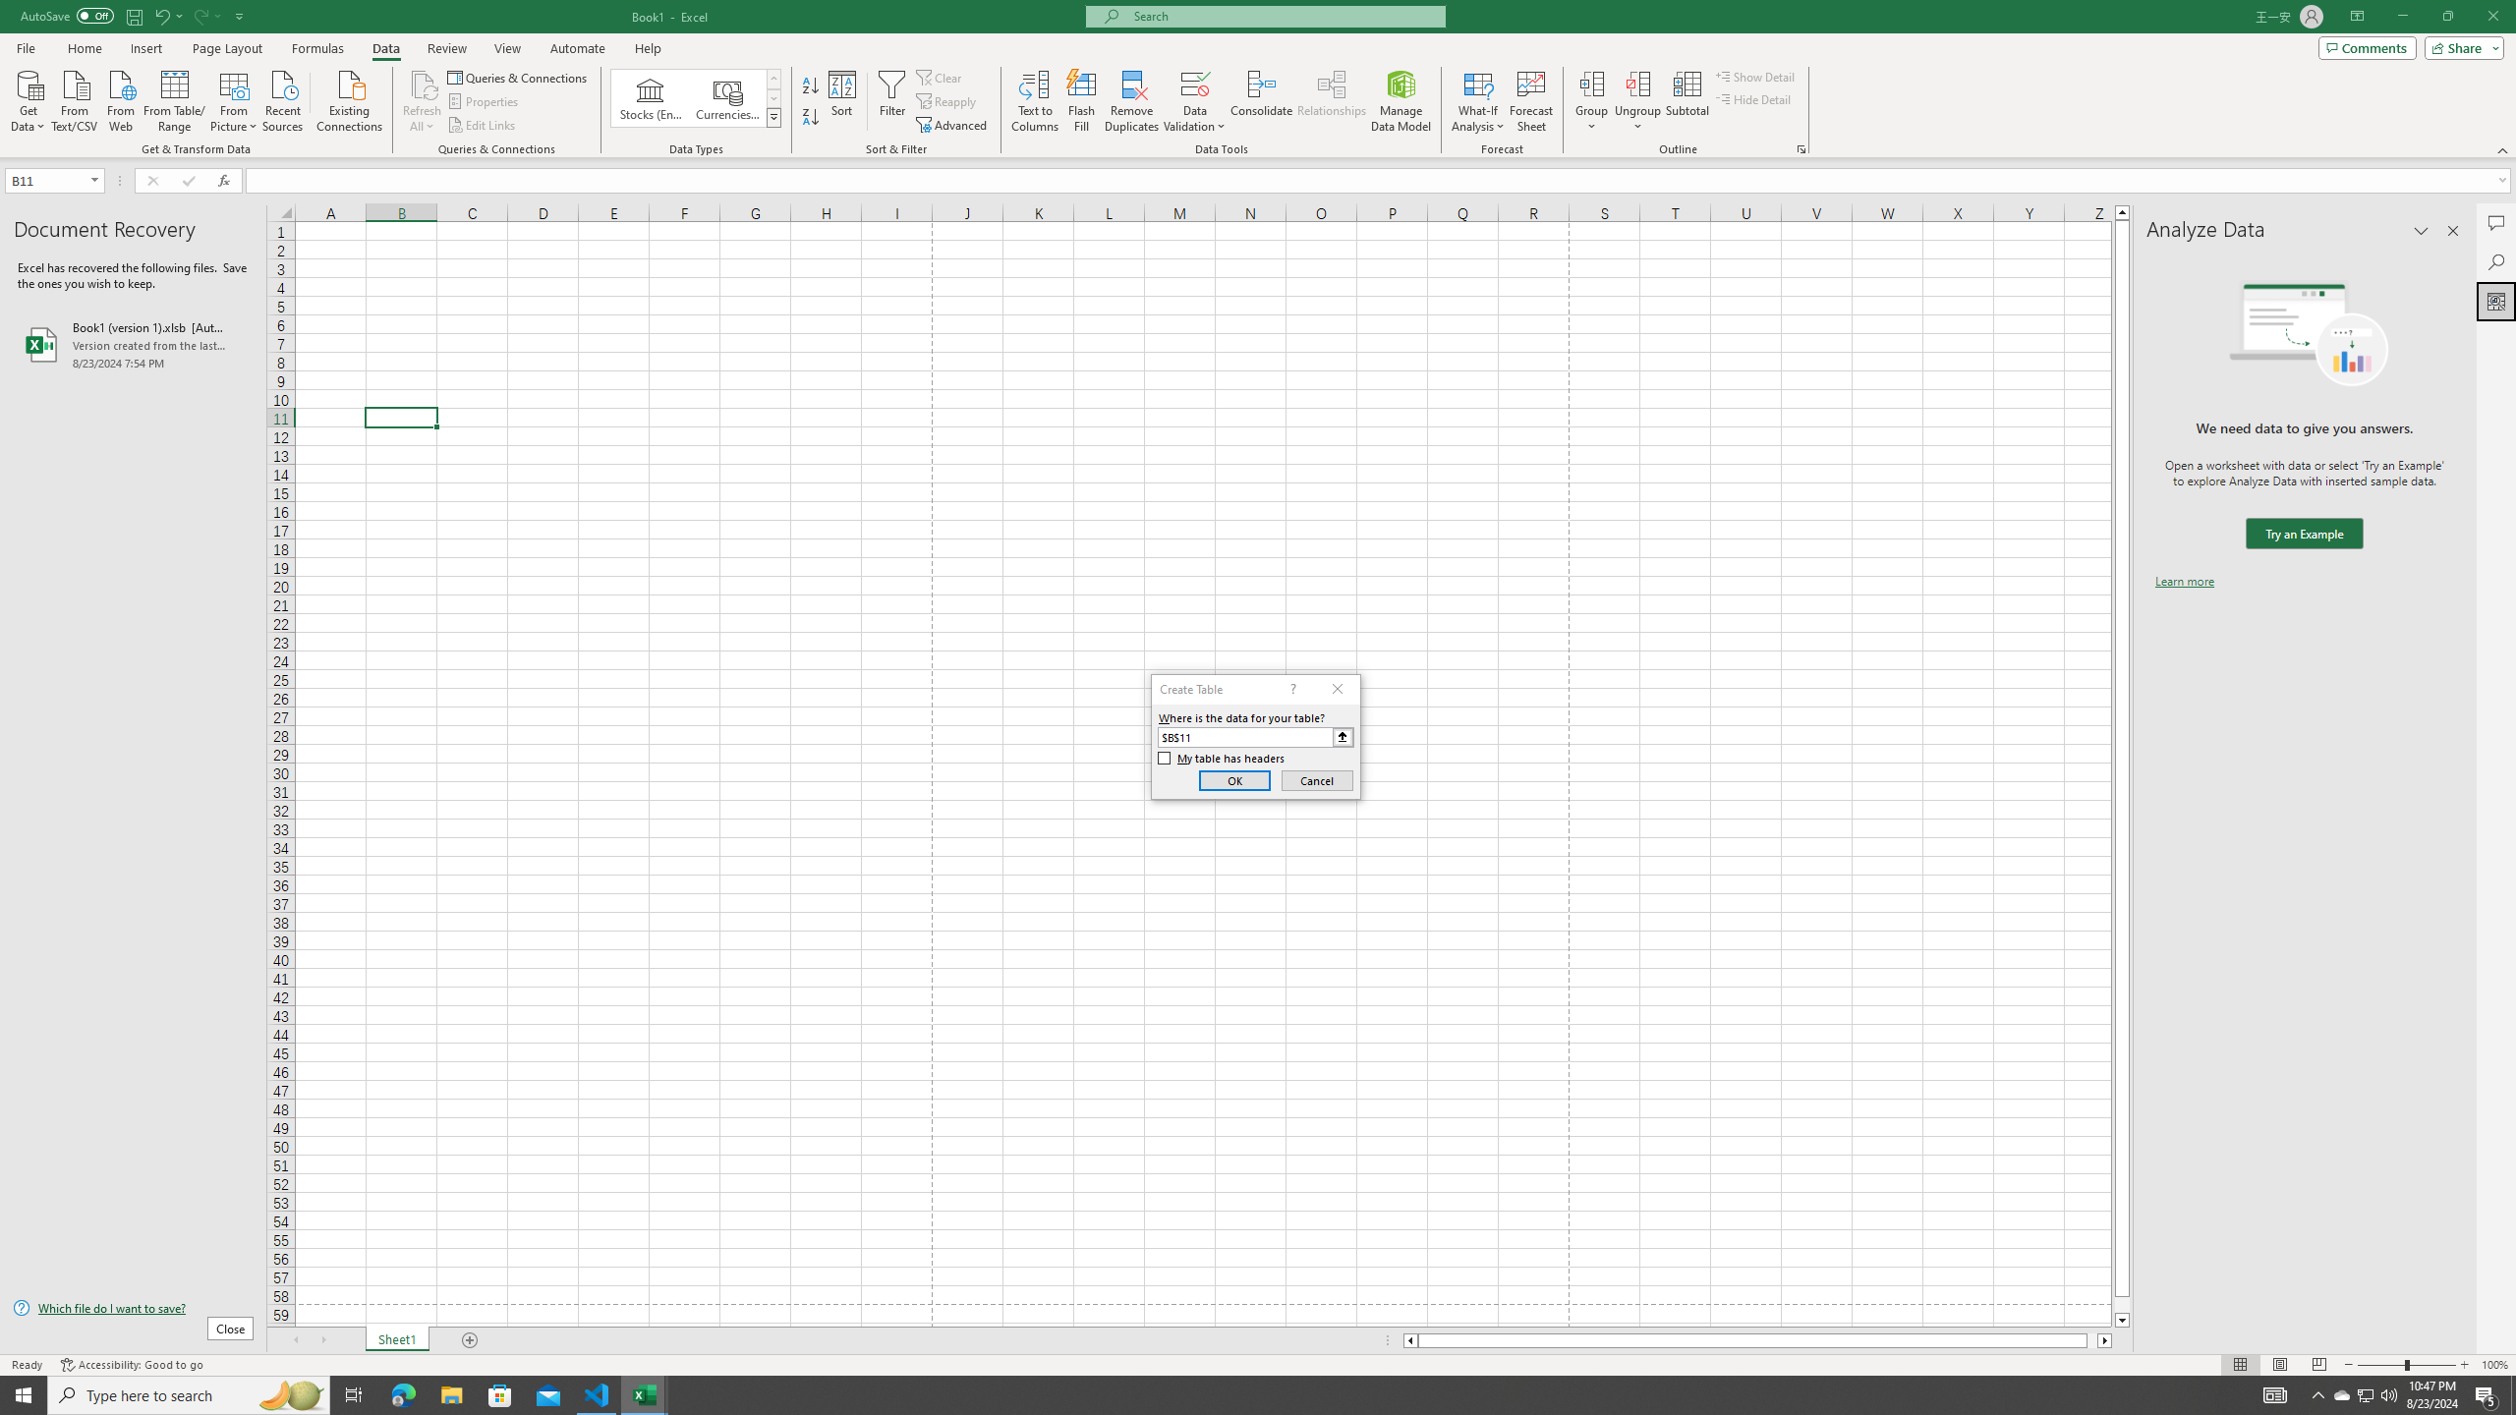 Image resolution: width=2516 pixels, height=1415 pixels. I want to click on 'Page Layout', so click(227, 48).